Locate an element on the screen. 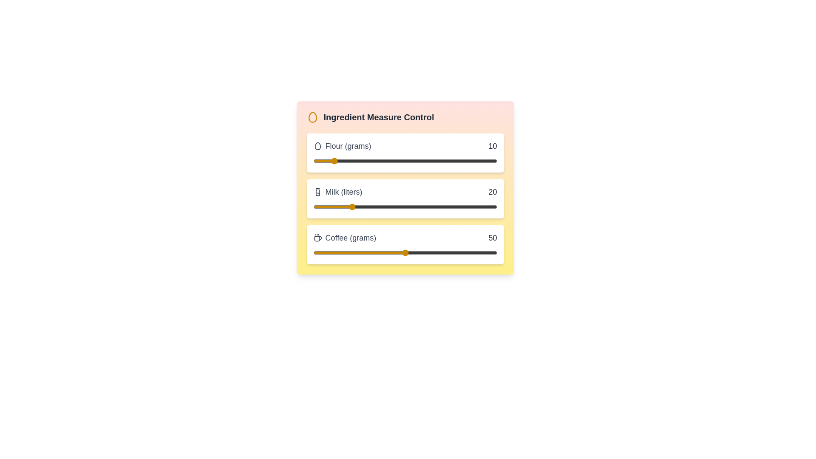 Image resolution: width=816 pixels, height=459 pixels. number displayed on the static text label showing '20' in black font, which is positioned to the far right of the 'Milk (liters)' adjustment slider is located at coordinates (493, 192).